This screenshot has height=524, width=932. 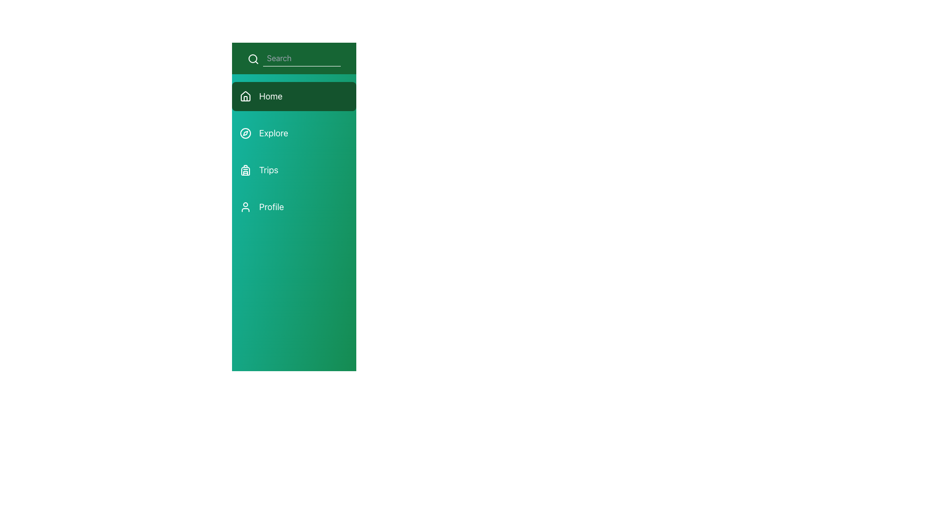 I want to click on the house-shaped icon located in the sidebar navigation menu, which is the first icon in the 'Home' button group, so click(x=245, y=97).